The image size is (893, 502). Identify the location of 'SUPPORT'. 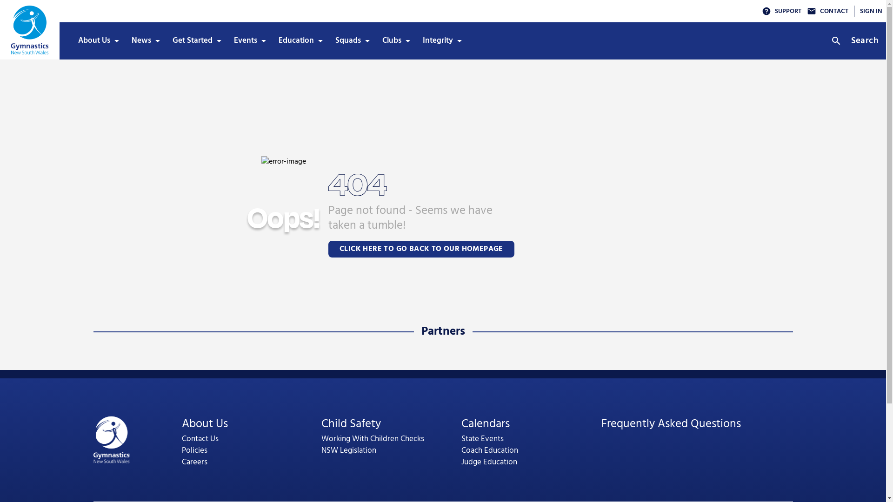
(761, 11).